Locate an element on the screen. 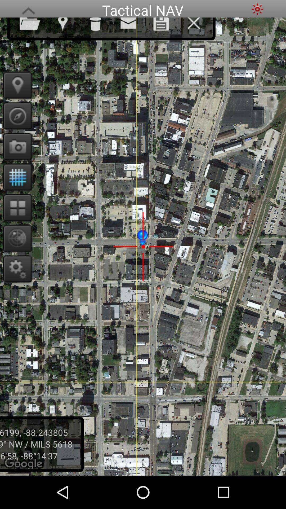 This screenshot has width=286, height=509. the explore icon is located at coordinates (15, 124).